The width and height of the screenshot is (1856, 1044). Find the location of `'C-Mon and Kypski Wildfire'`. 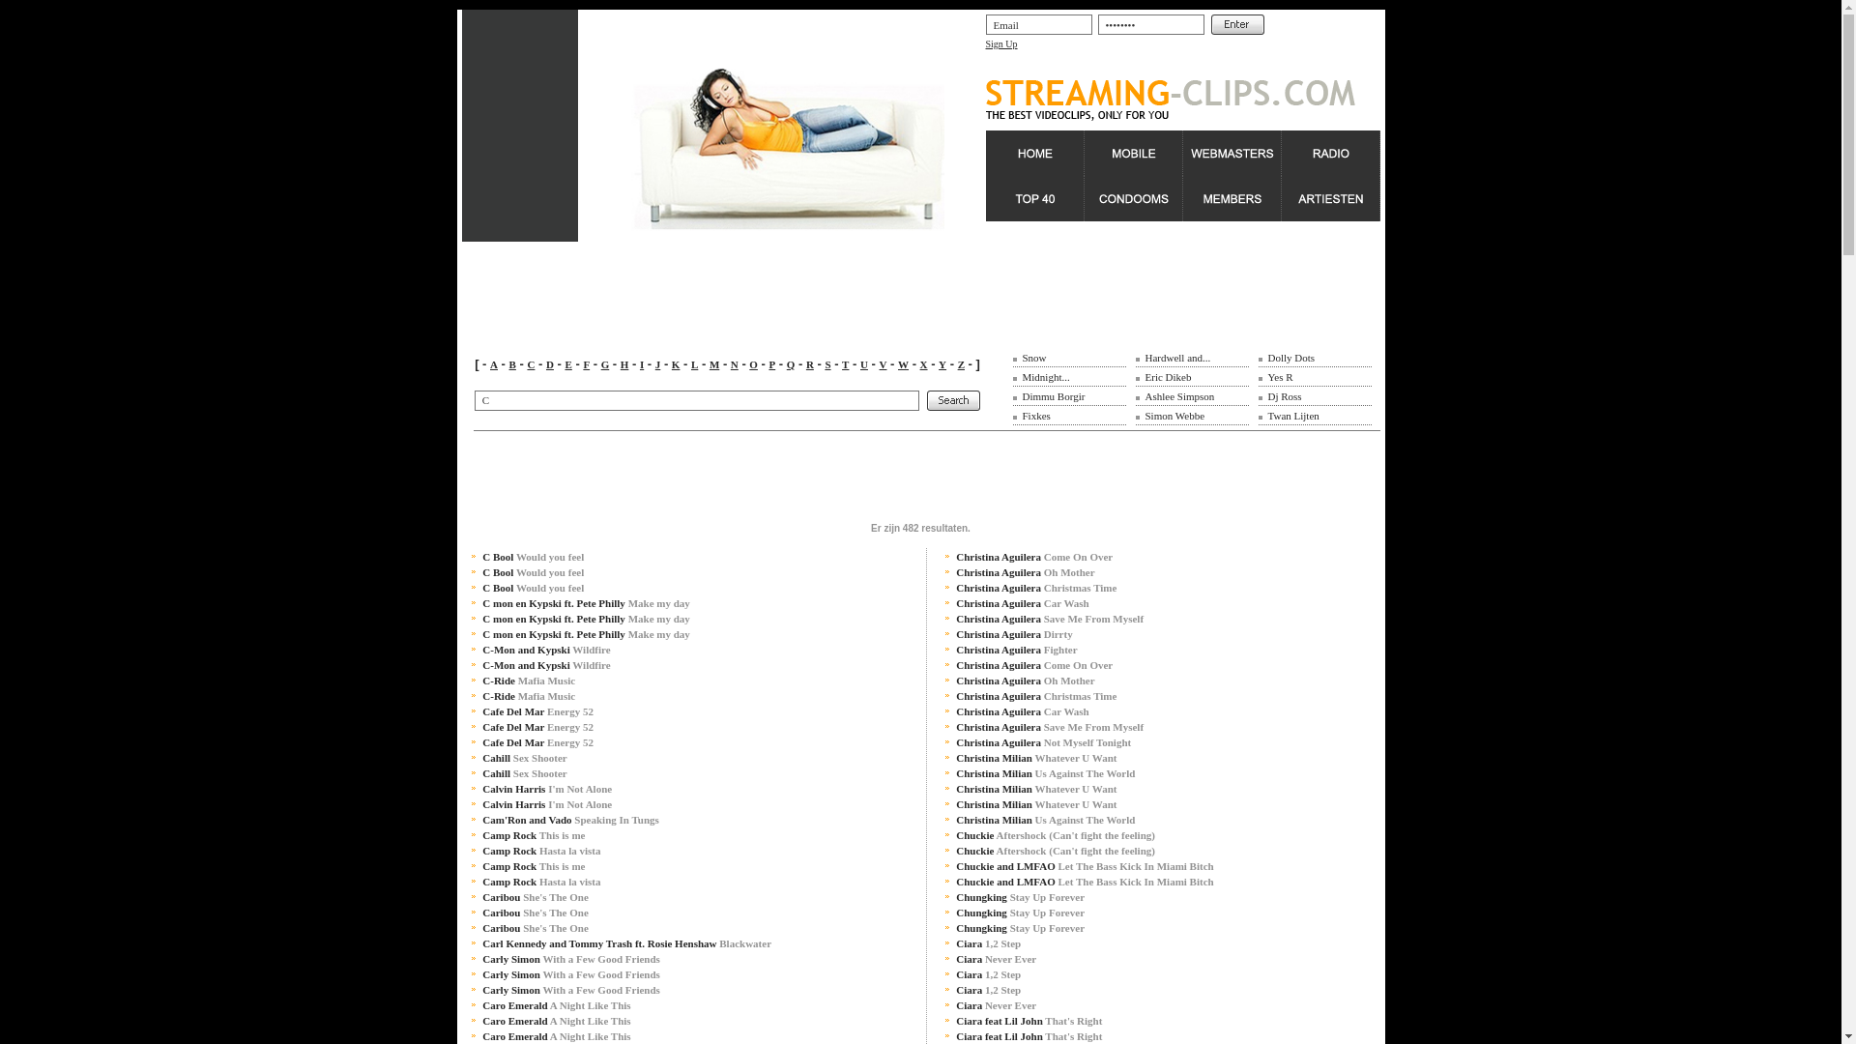

'C-Mon and Kypski Wildfire' is located at coordinates (482, 649).